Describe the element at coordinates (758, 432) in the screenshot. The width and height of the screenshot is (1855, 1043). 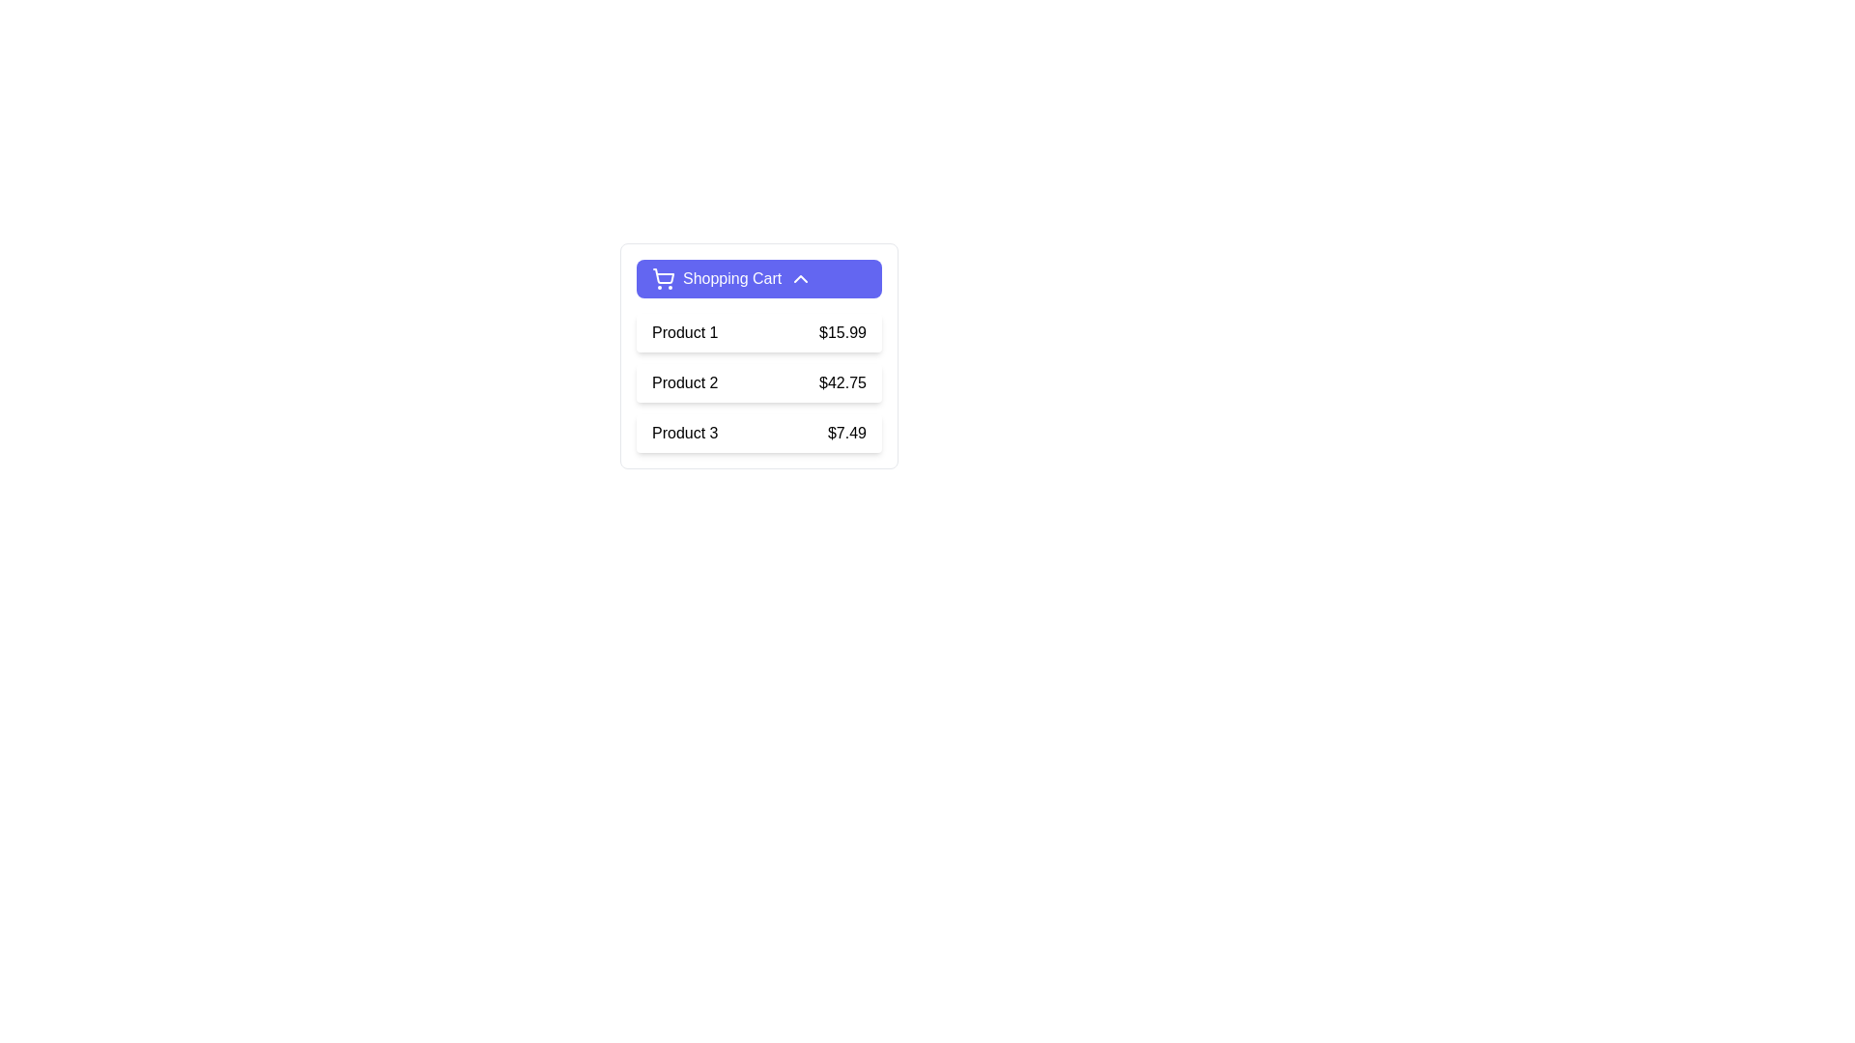
I see `the list item displaying 'Product 3' priced at '$7.49' in the shopping cart interface` at that location.